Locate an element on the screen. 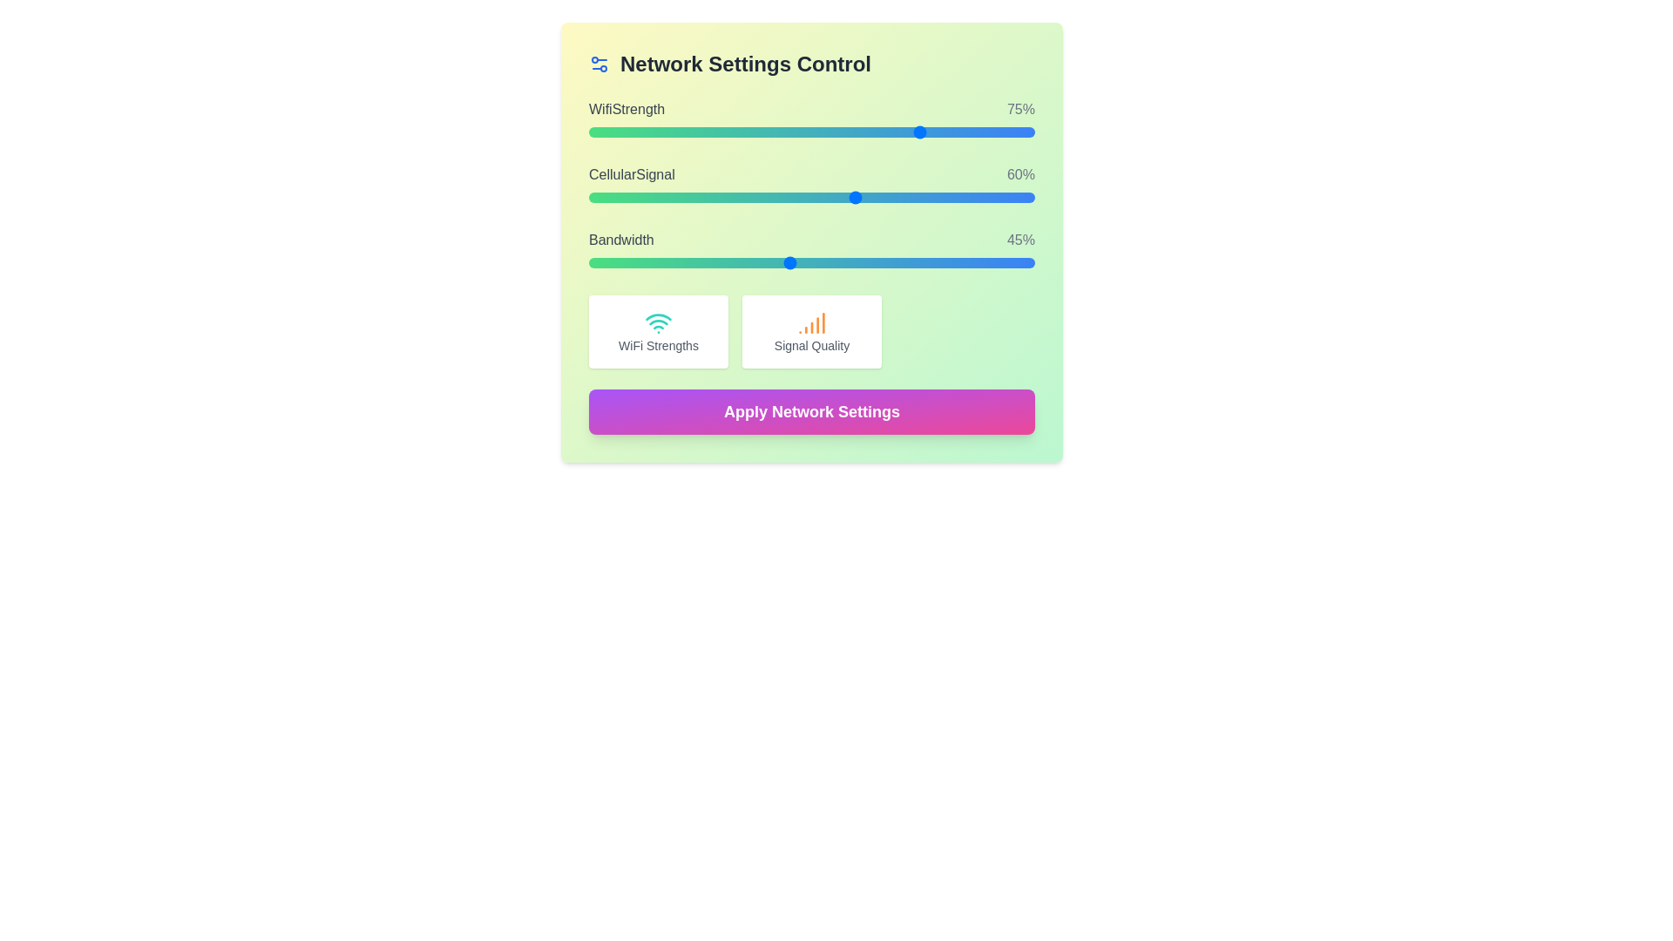  the bandwidth slider is located at coordinates (654, 262).